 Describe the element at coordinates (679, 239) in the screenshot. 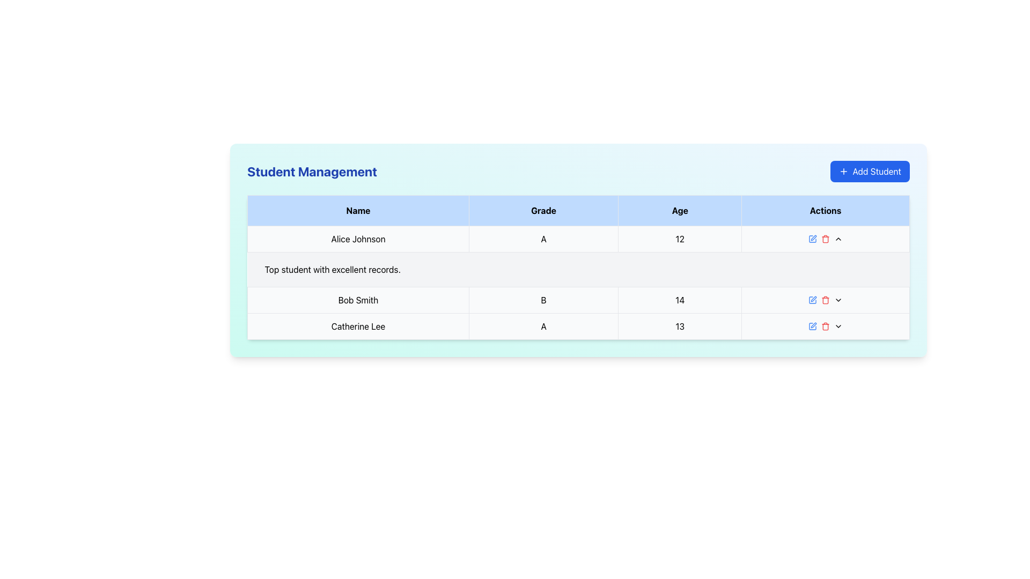

I see `the numeric cell displaying '12' in the 'Age' column for the student 'Alice Johnson'` at that location.